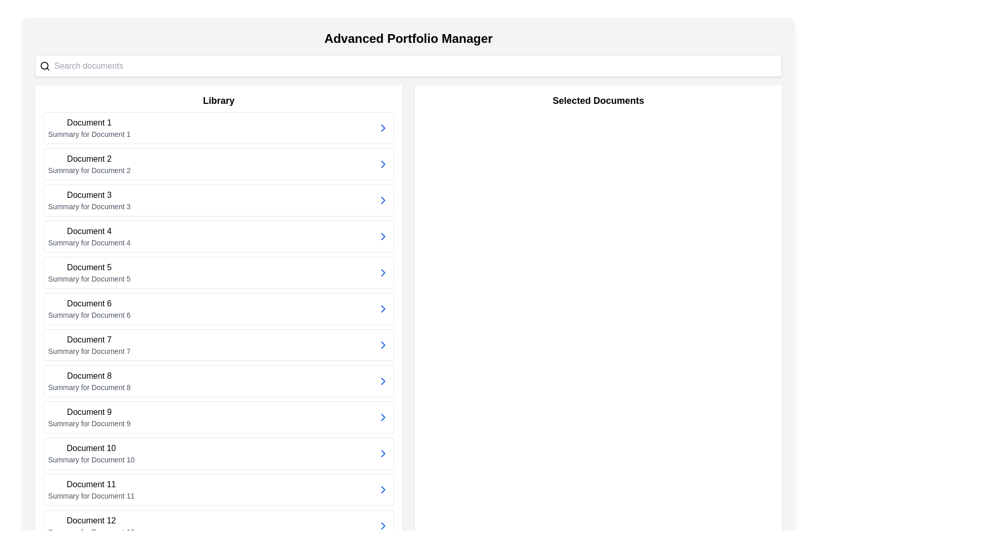  I want to click on the navigation icon located at the far right of Document 12 in the Library section, so click(382, 489).